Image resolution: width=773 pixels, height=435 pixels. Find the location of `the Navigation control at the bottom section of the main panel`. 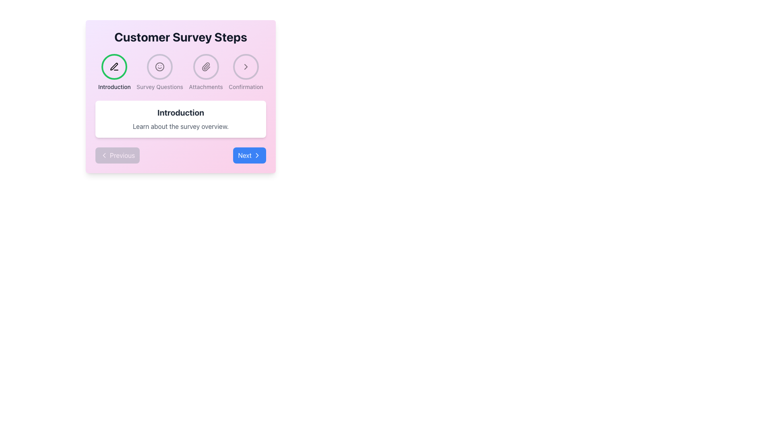

the Navigation control at the bottom section of the main panel is located at coordinates (180, 155).